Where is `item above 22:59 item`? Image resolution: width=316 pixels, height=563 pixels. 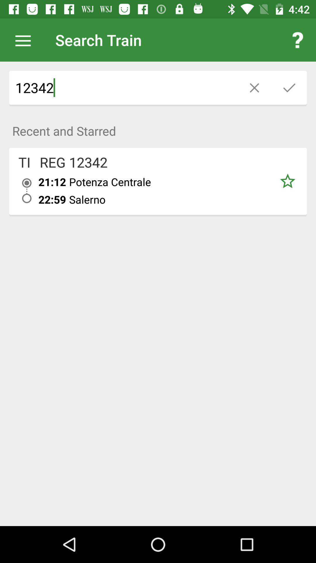 item above 22:59 item is located at coordinates (52, 182).